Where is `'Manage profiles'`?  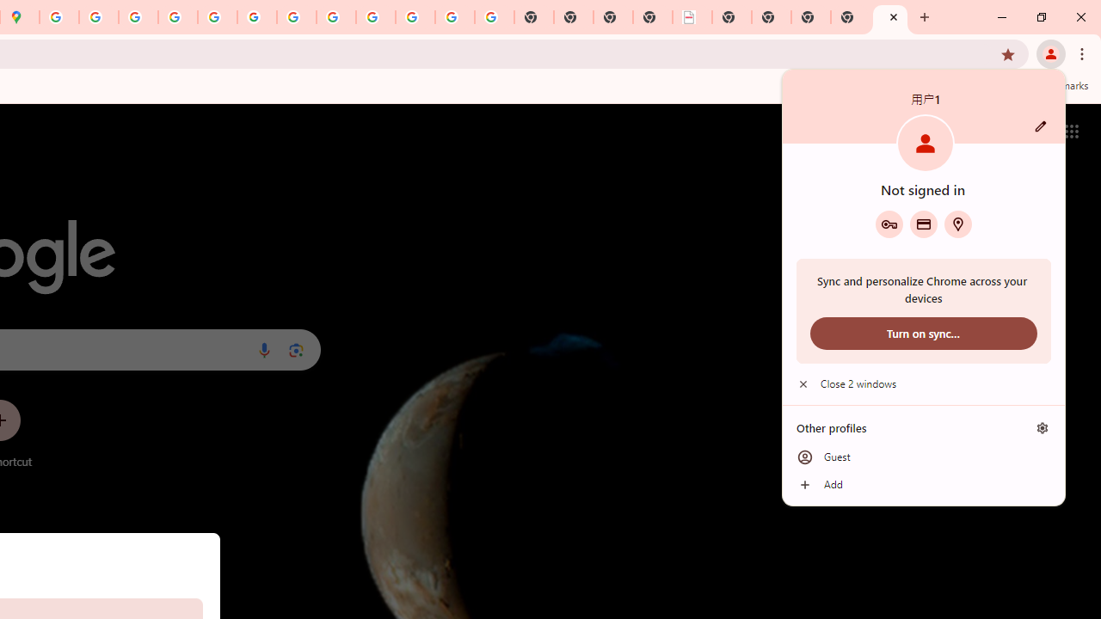
'Manage profiles' is located at coordinates (1042, 427).